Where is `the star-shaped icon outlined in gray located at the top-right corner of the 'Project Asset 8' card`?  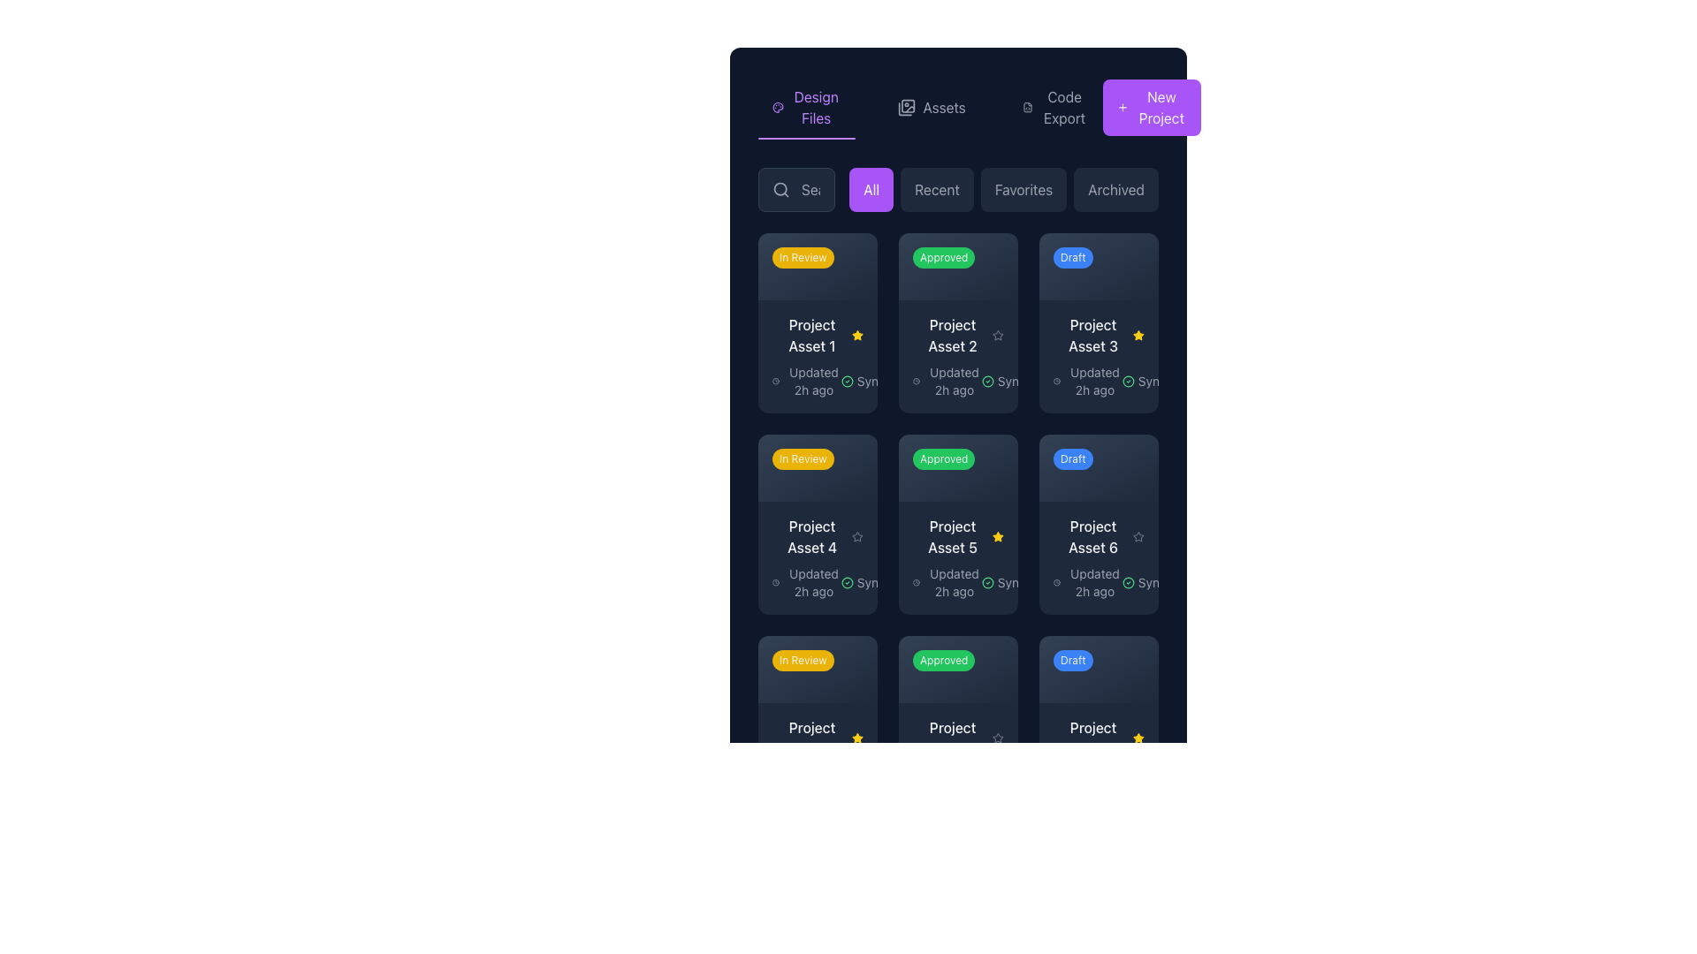 the star-shaped icon outlined in gray located at the top-right corner of the 'Project Asset 8' card is located at coordinates (998, 738).